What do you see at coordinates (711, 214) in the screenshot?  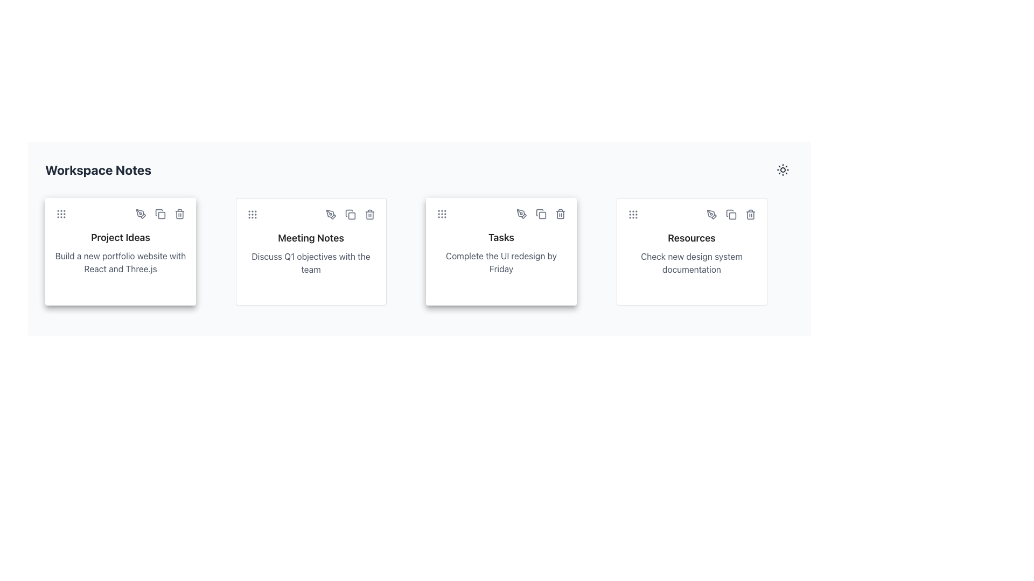 I see `the pen tool icon button, which is the leftmost icon within the group of actions in the header of the 'Resources' card` at bounding box center [711, 214].